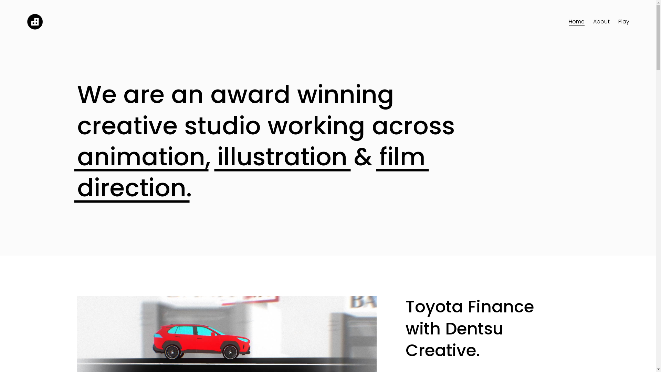 Image resolution: width=661 pixels, height=372 pixels. Describe the element at coordinates (601, 22) in the screenshot. I see `'About'` at that location.